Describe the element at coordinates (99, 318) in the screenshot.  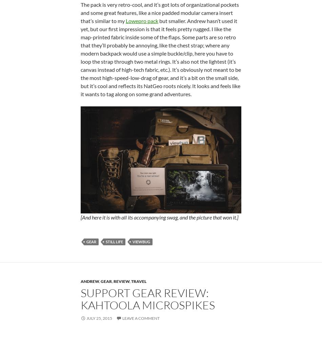
I see `'July 25, 2015'` at that location.